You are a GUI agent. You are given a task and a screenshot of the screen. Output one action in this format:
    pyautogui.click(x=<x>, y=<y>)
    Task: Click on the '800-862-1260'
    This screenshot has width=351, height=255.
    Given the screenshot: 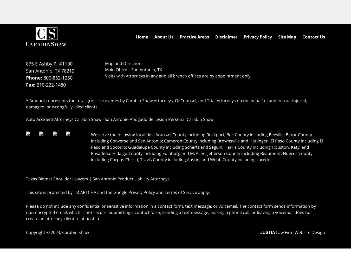 What is the action you would take?
    pyautogui.click(x=58, y=77)
    